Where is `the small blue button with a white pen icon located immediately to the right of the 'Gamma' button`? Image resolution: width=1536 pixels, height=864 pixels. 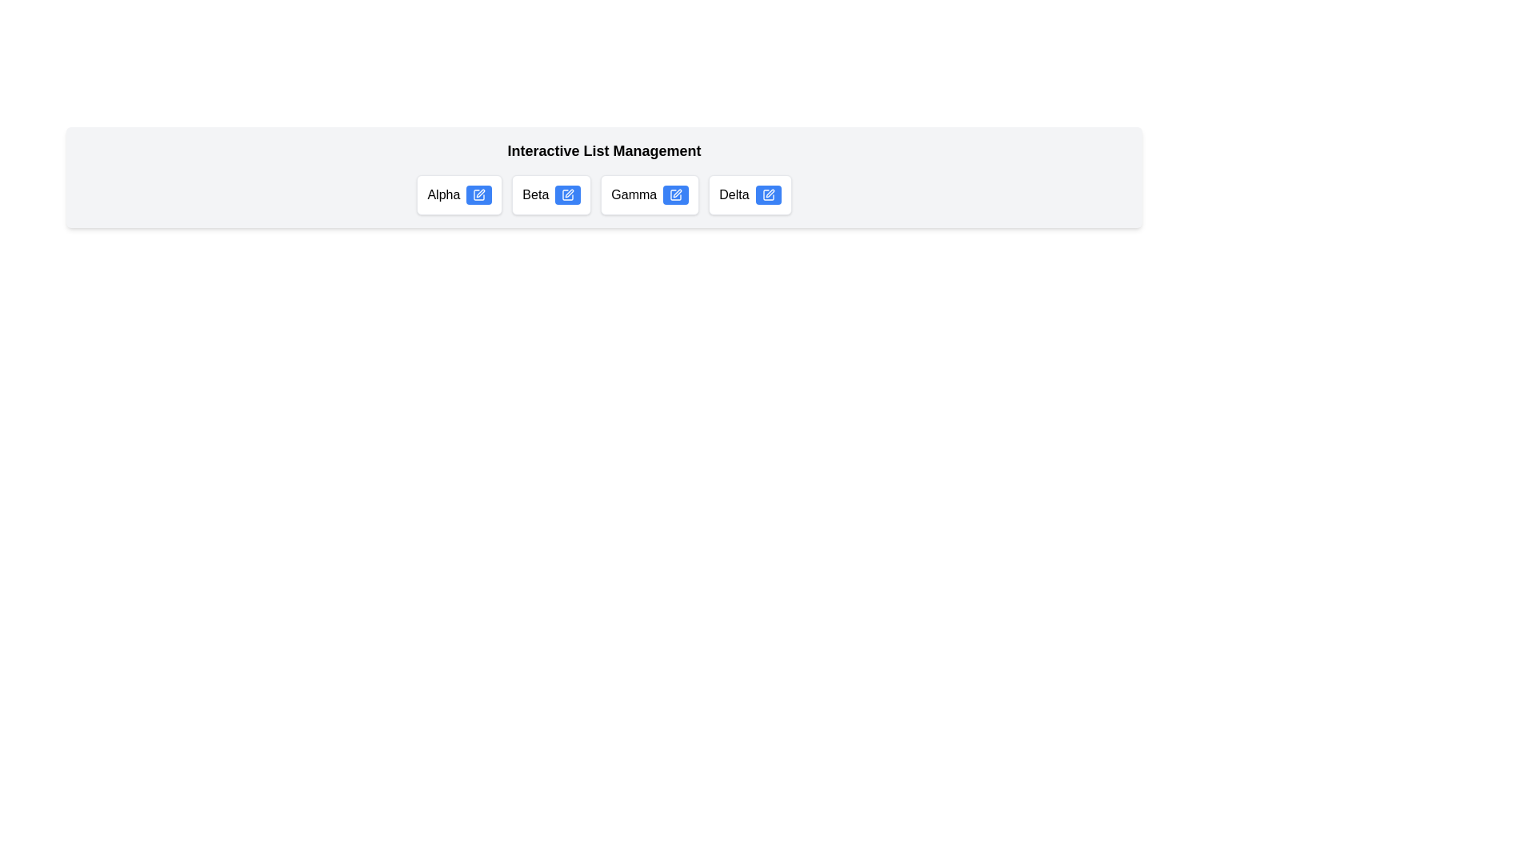 the small blue button with a white pen icon located immediately to the right of the 'Gamma' button is located at coordinates (676, 194).